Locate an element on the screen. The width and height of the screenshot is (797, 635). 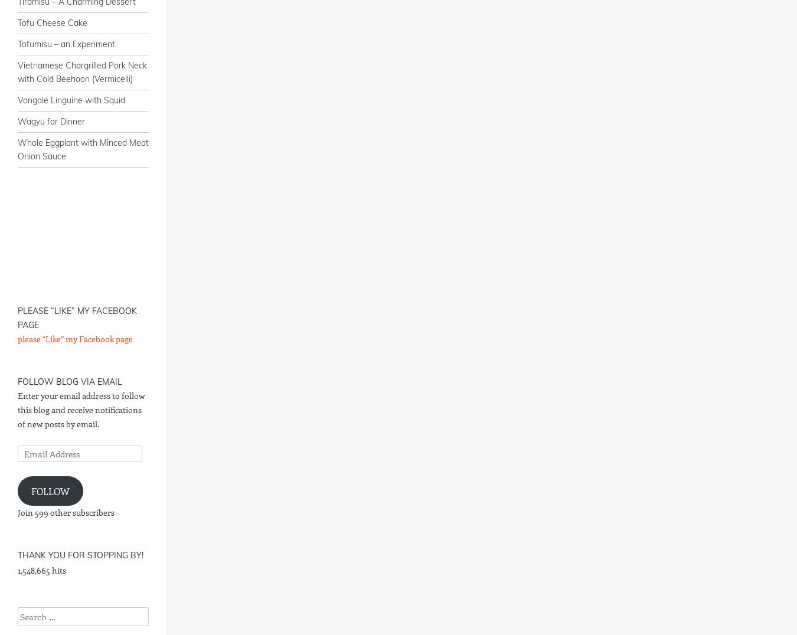
'Search' is located at coordinates (30, 614).